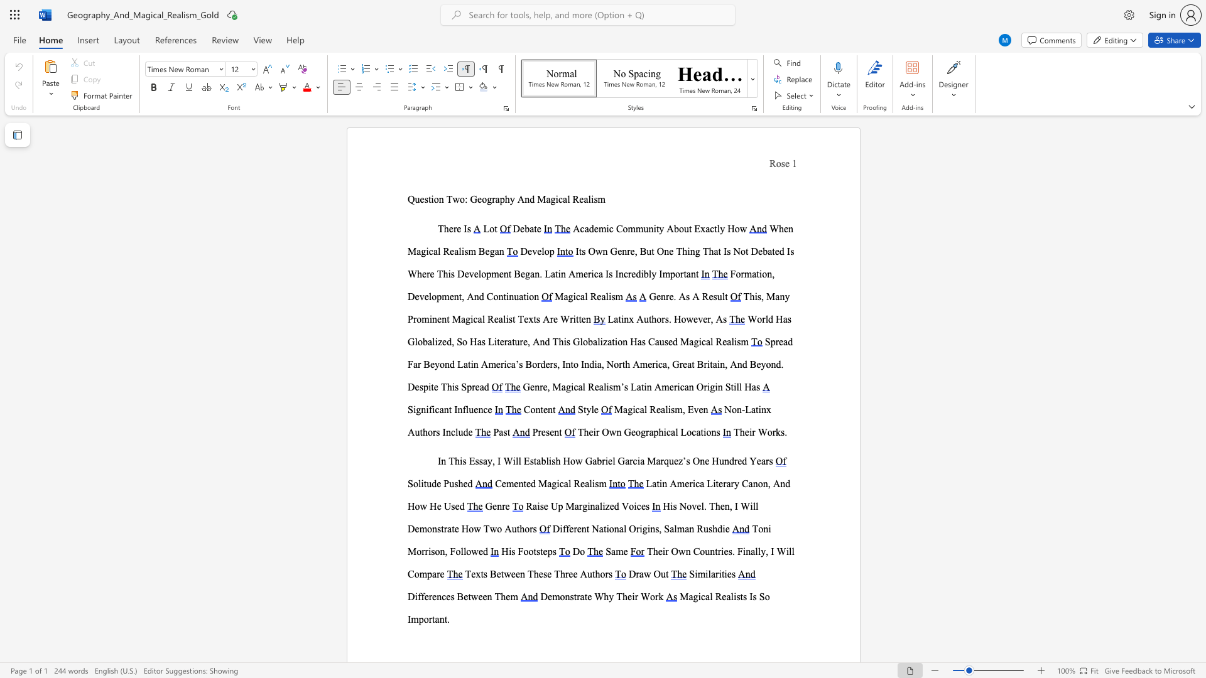 This screenshot has width=1206, height=678. Describe the element at coordinates (407, 386) in the screenshot. I see `the subset text "Despite This Sp" within the text "Spread Far Beyond Latin America’s Borders, Into India, North America, Great Britain, And Beyond. Despite This Spread"` at that location.